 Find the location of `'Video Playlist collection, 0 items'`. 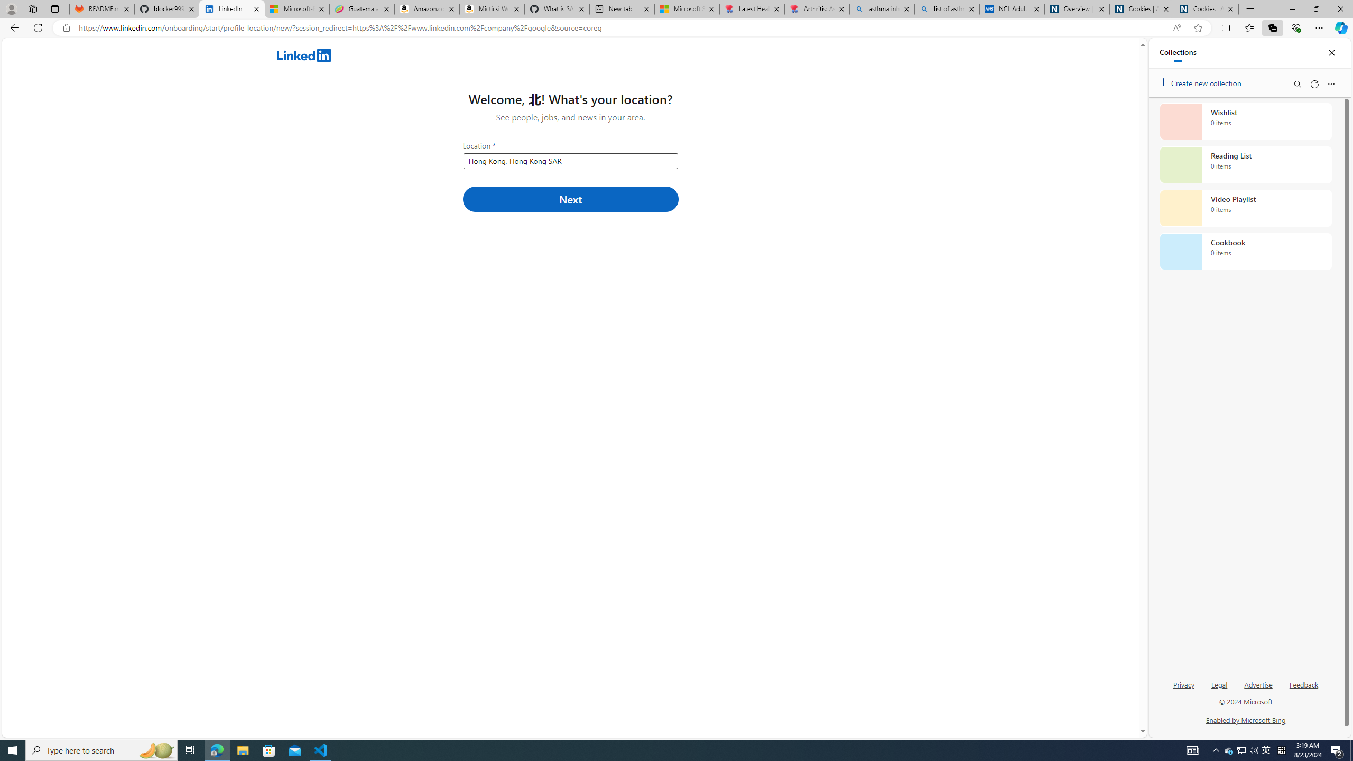

'Video Playlist collection, 0 items' is located at coordinates (1245, 207).